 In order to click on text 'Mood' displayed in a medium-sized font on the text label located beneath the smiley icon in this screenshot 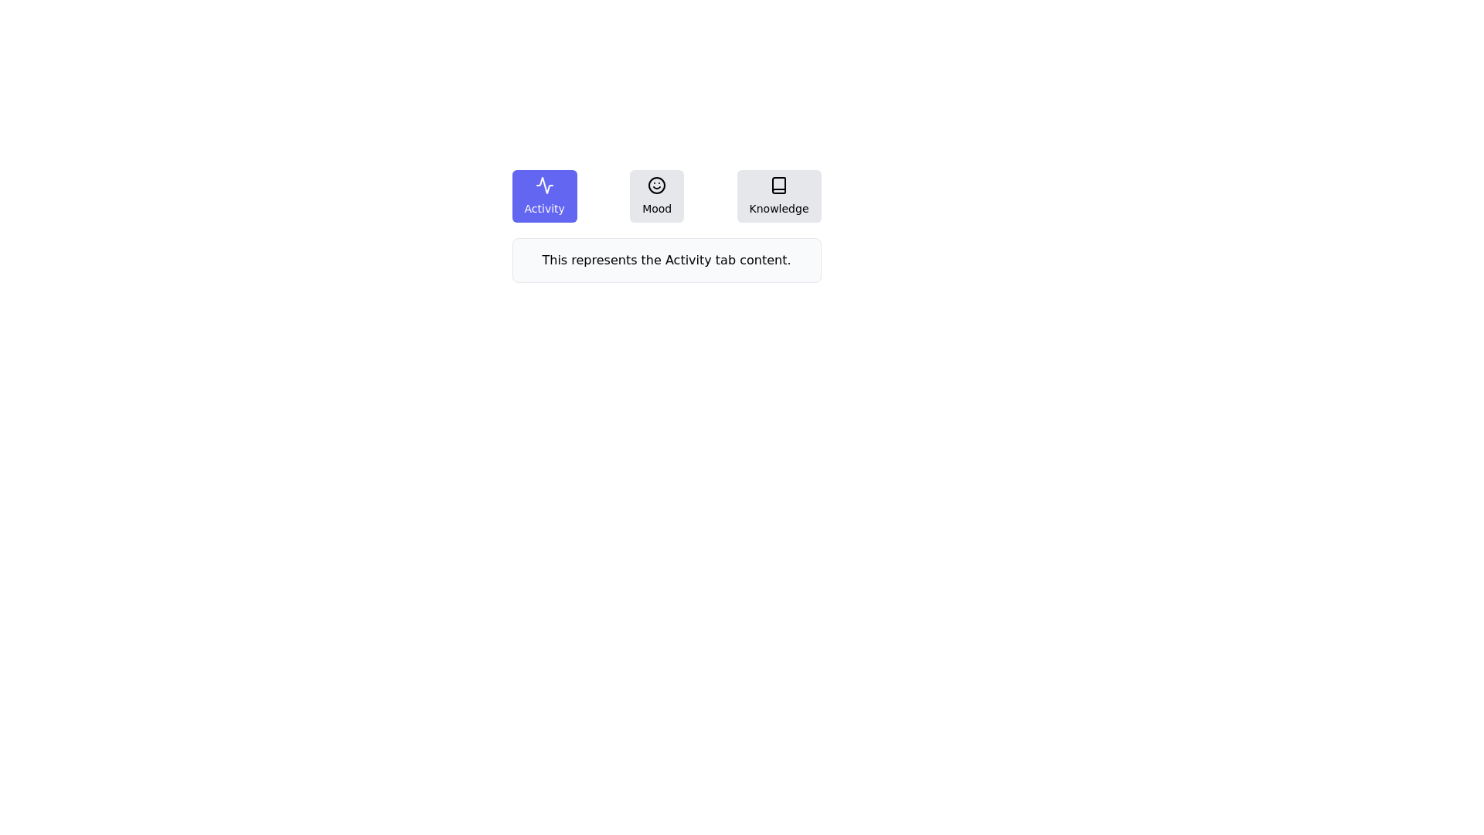, I will do `click(657, 209)`.